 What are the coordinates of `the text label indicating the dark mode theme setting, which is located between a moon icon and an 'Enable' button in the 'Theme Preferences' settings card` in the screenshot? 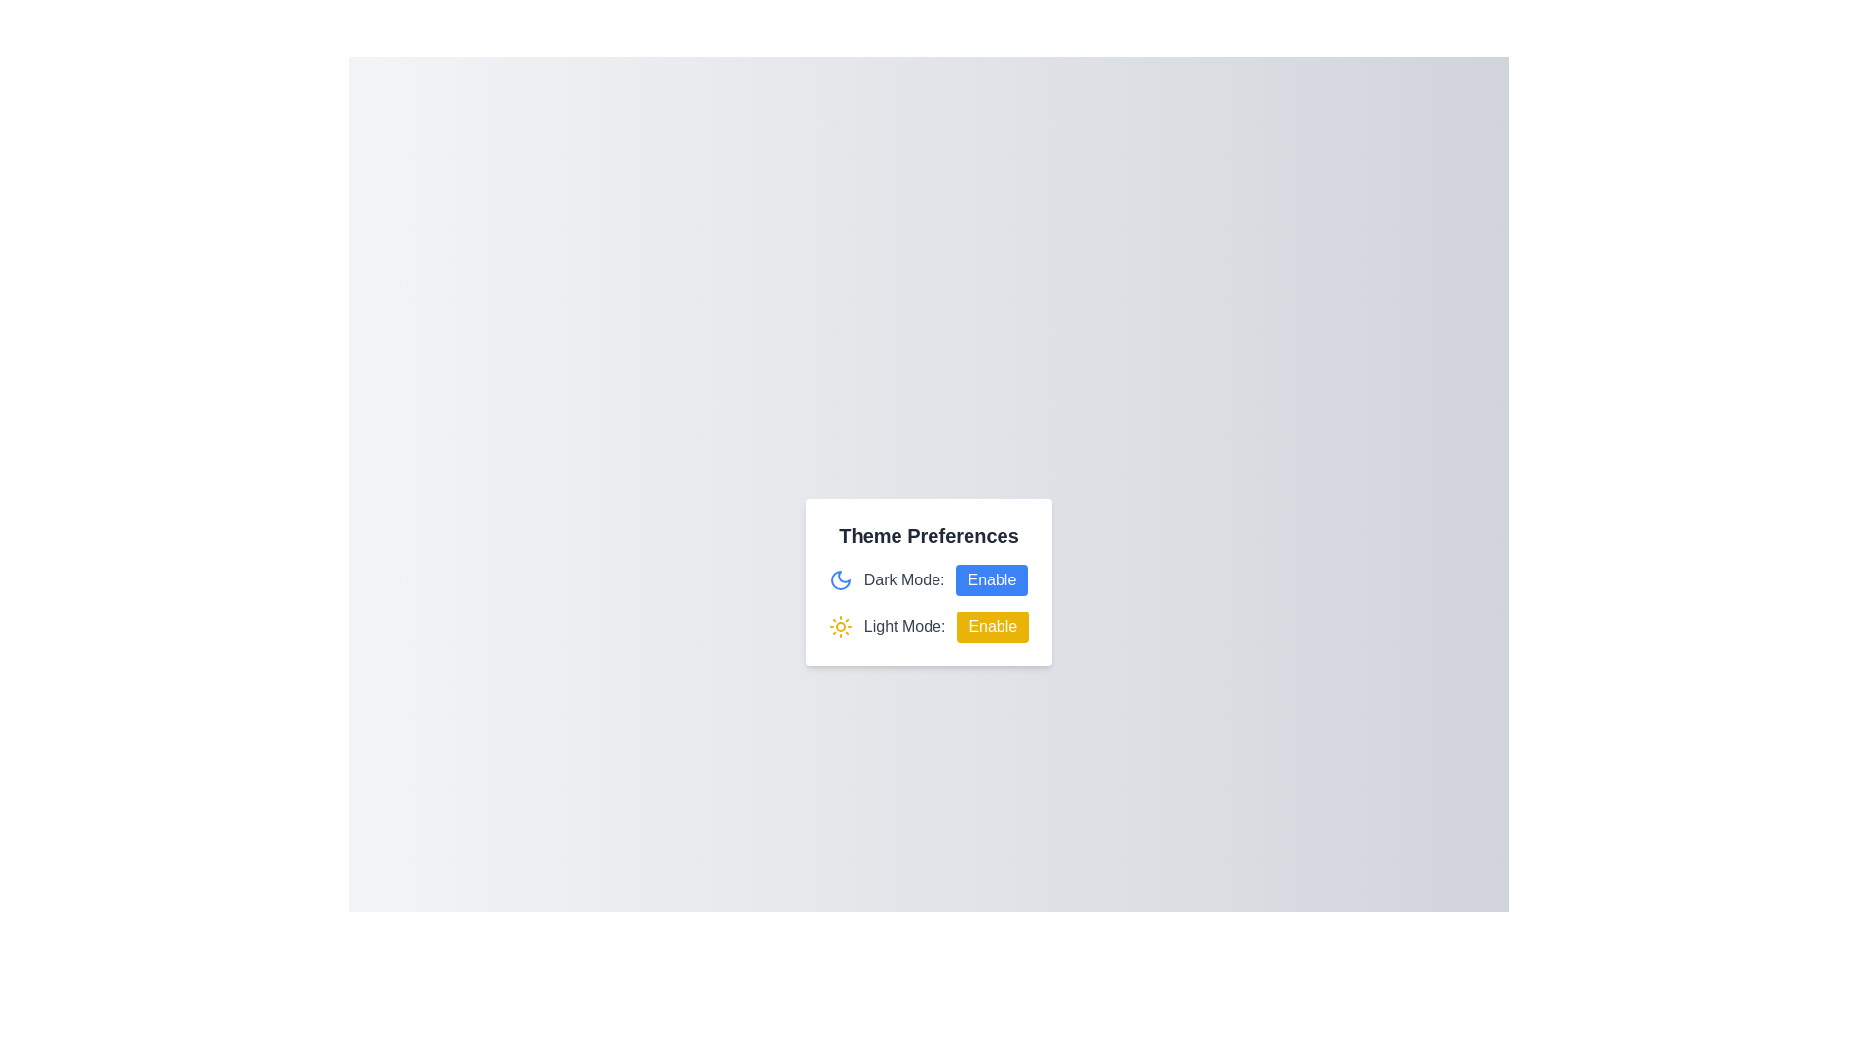 It's located at (903, 579).